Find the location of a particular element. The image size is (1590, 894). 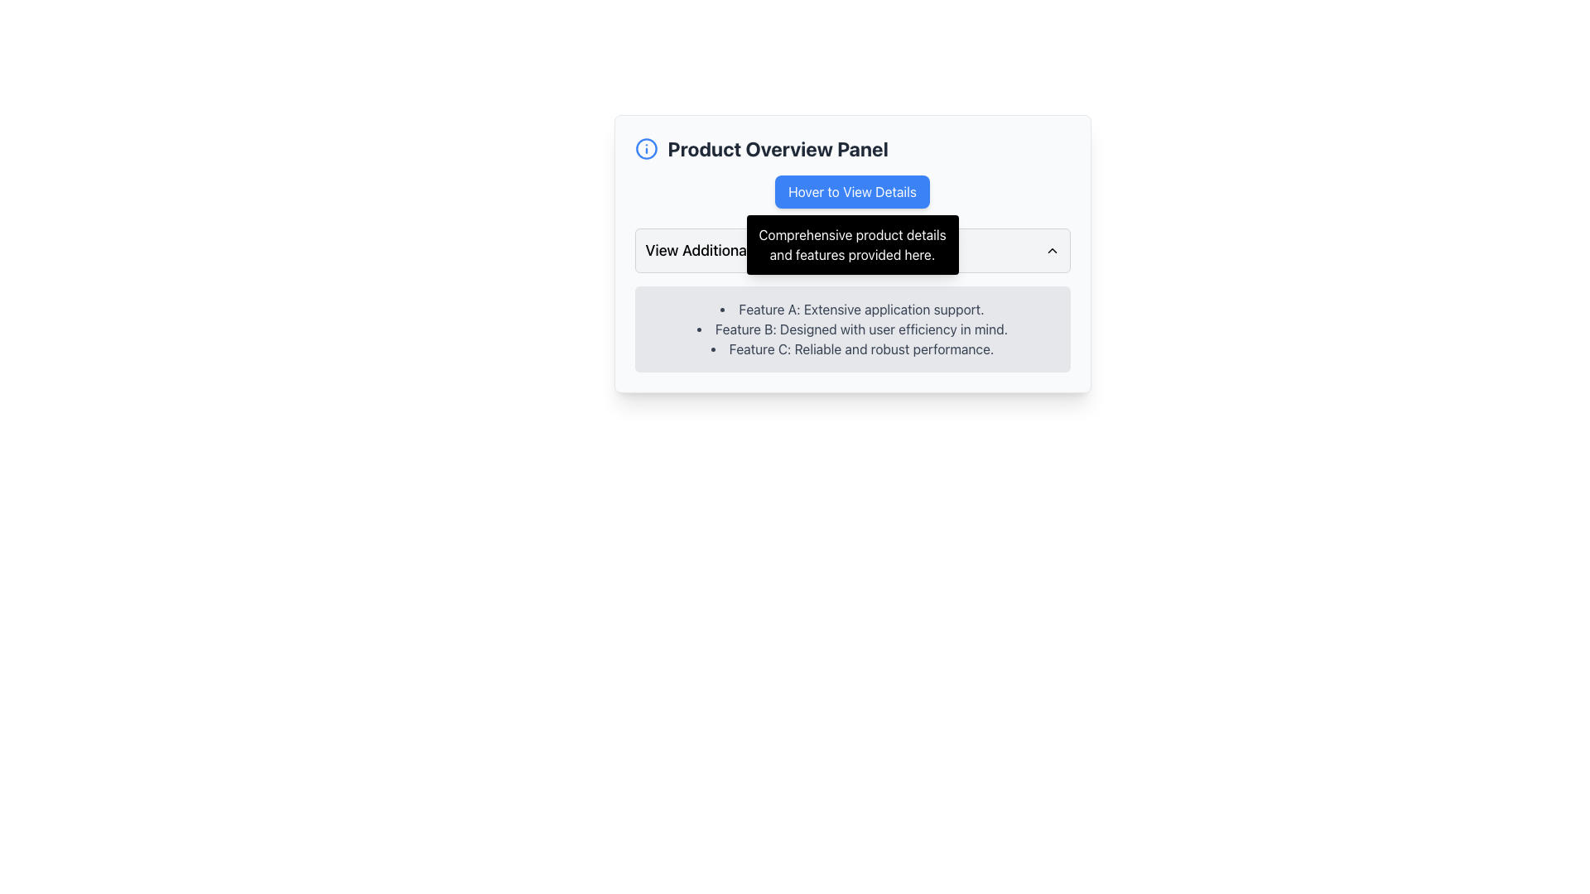

text element that states 'Feature C: Reliable and robust performance.' which is the third item in the bulleted list under 'Product Overview Panel' is located at coordinates (852, 348).